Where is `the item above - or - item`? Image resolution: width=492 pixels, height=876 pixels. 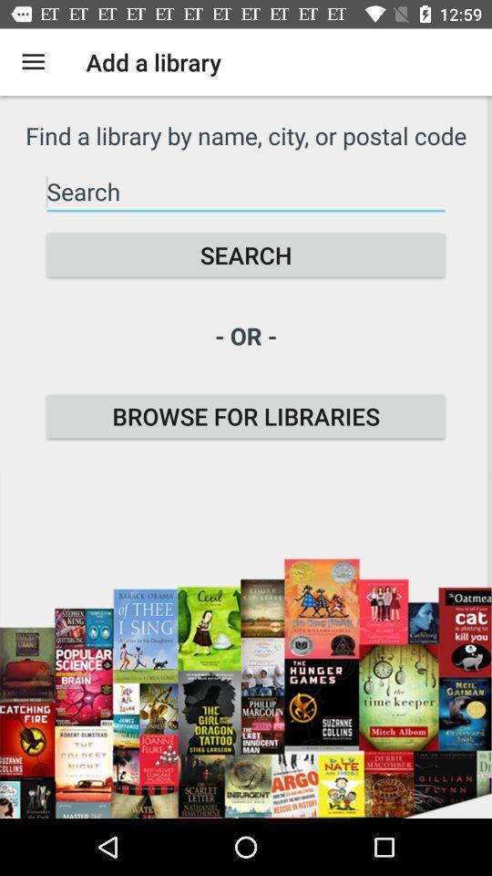
the item above - or - item is located at coordinates (246, 254).